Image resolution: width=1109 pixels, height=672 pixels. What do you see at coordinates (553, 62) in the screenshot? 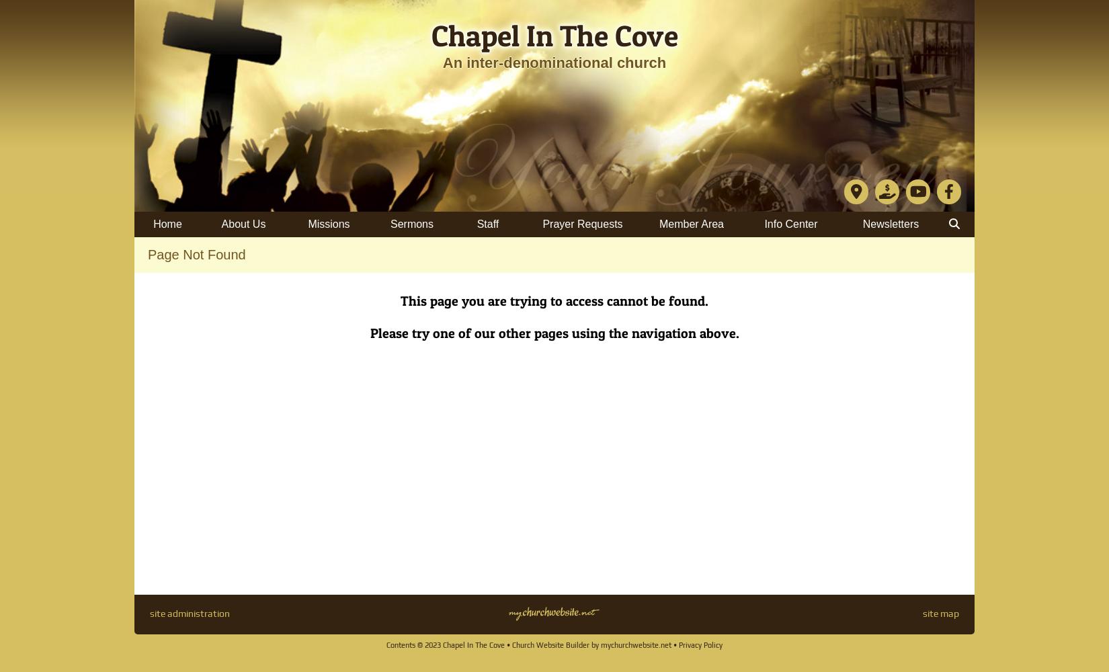
I see `'An inter-denominational church'` at bounding box center [553, 62].